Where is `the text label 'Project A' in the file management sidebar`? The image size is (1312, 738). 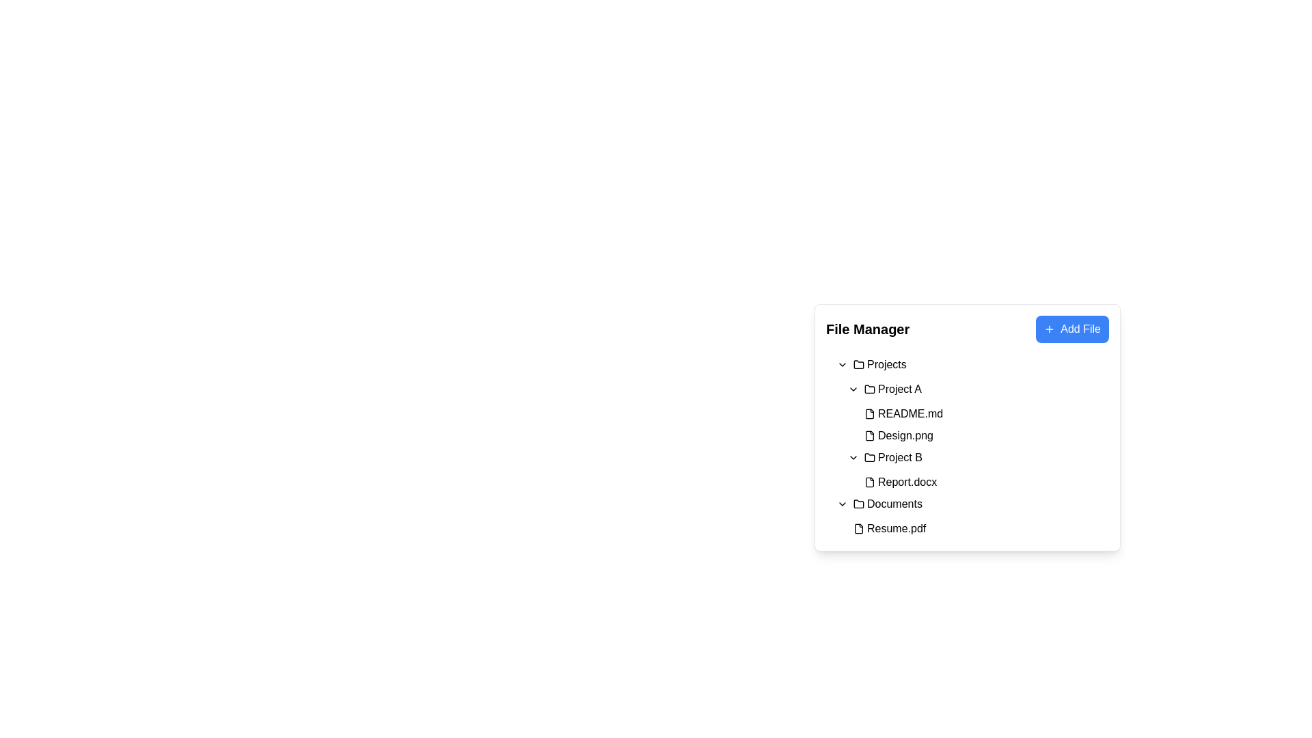
the text label 'Project A' in the file management sidebar is located at coordinates (899, 389).